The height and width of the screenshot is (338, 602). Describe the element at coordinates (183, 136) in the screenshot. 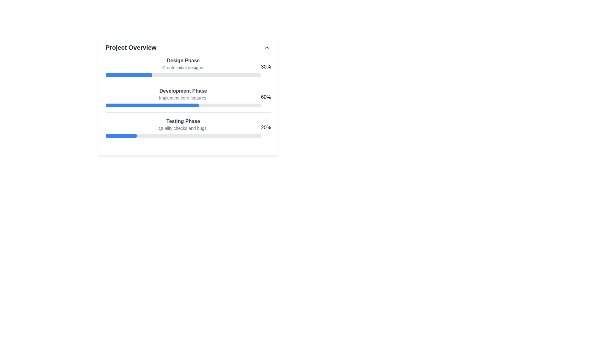

I see `the third progress bar in the 'Testing Phase' section of the project overview, which has a gray background and a blue filled portion representing progress` at that location.